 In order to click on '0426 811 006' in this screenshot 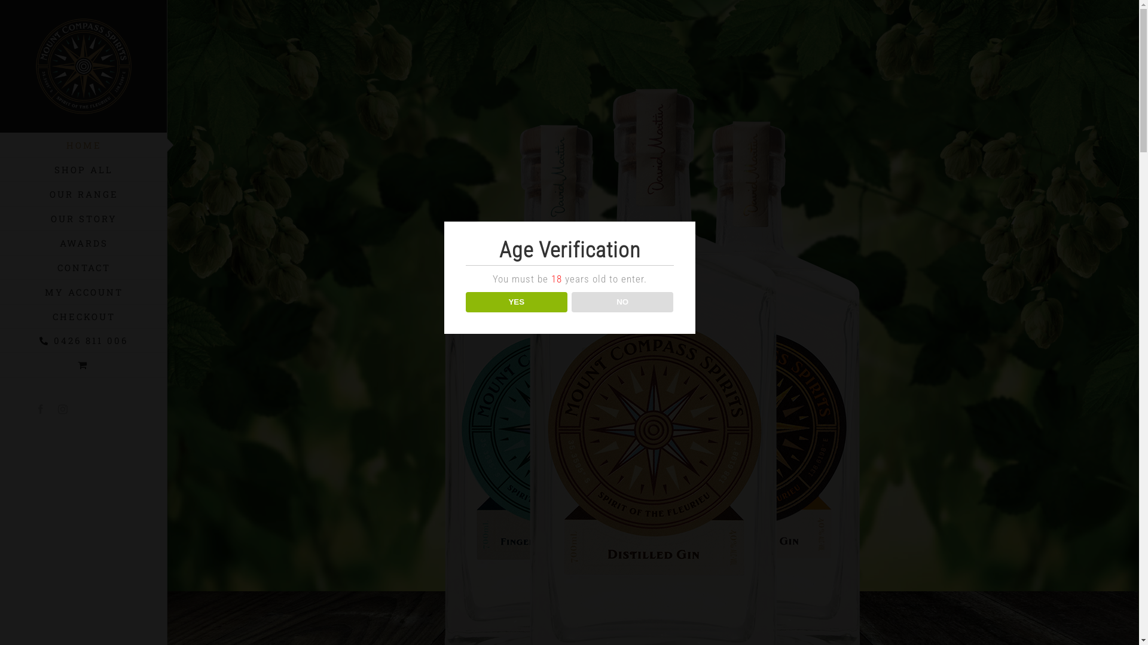, I will do `click(83, 340)`.